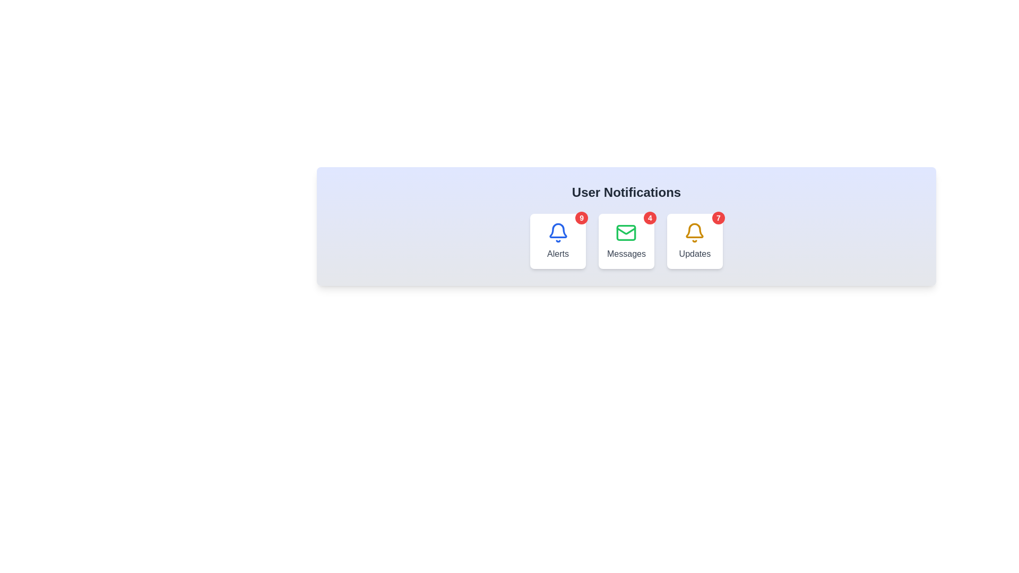 This screenshot has height=573, width=1019. I want to click on the green rectangular shape with rounded corners, which is centered within the envelope icon in the 'Messages' notification card located between 'Alerts' and 'Updates', so click(626, 232).